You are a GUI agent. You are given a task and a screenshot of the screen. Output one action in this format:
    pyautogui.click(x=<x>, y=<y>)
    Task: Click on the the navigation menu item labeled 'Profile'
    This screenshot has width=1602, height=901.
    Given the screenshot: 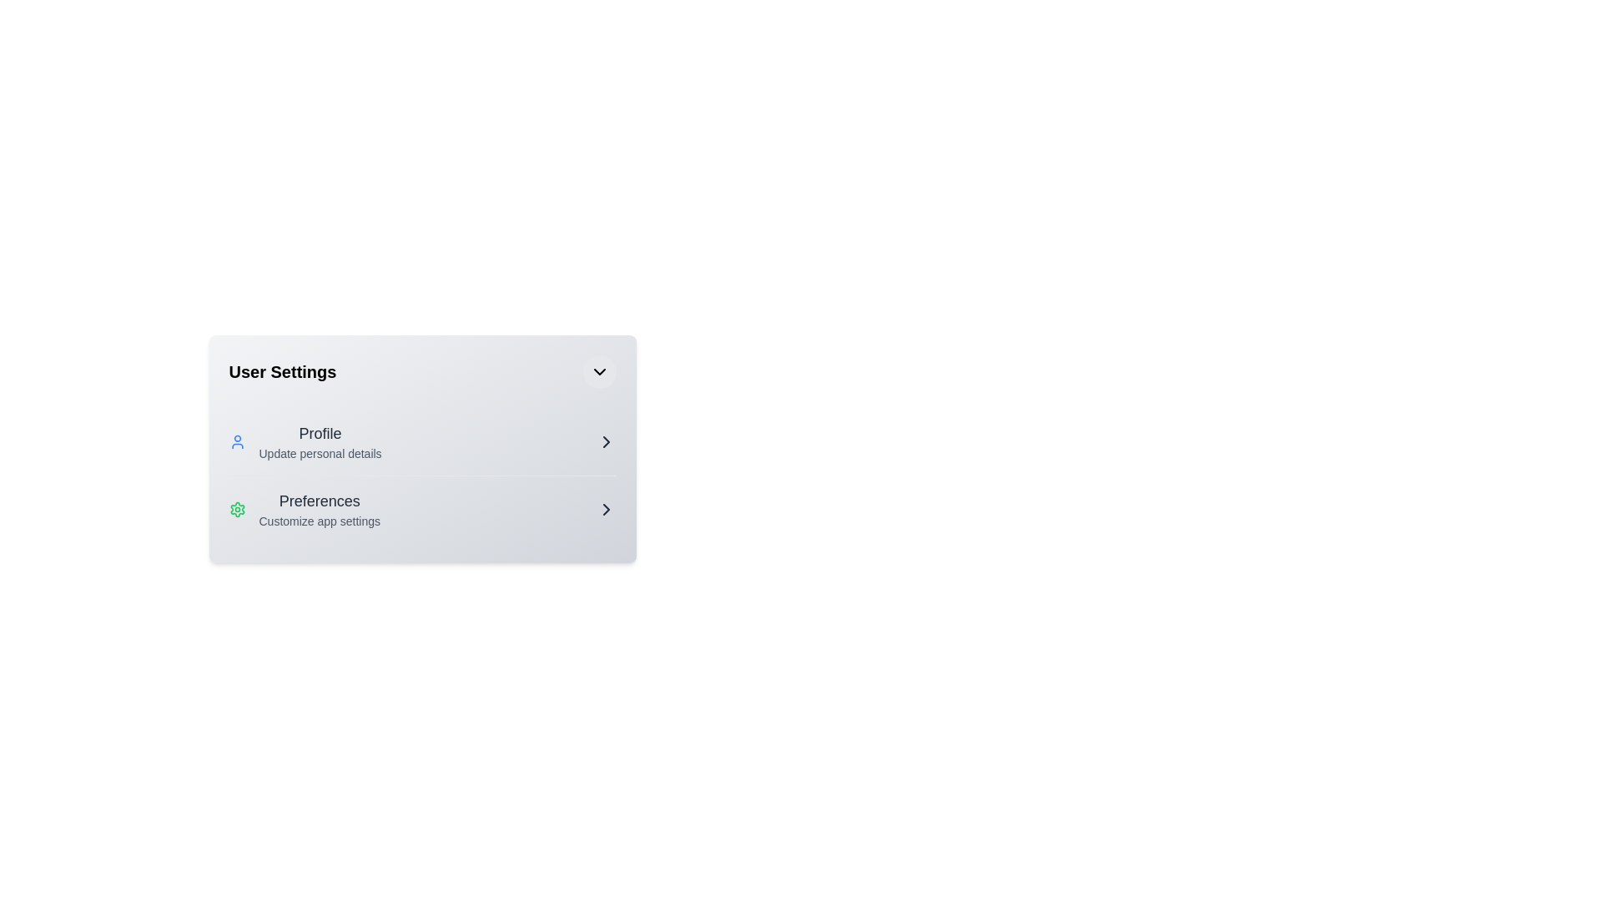 What is the action you would take?
    pyautogui.click(x=422, y=440)
    